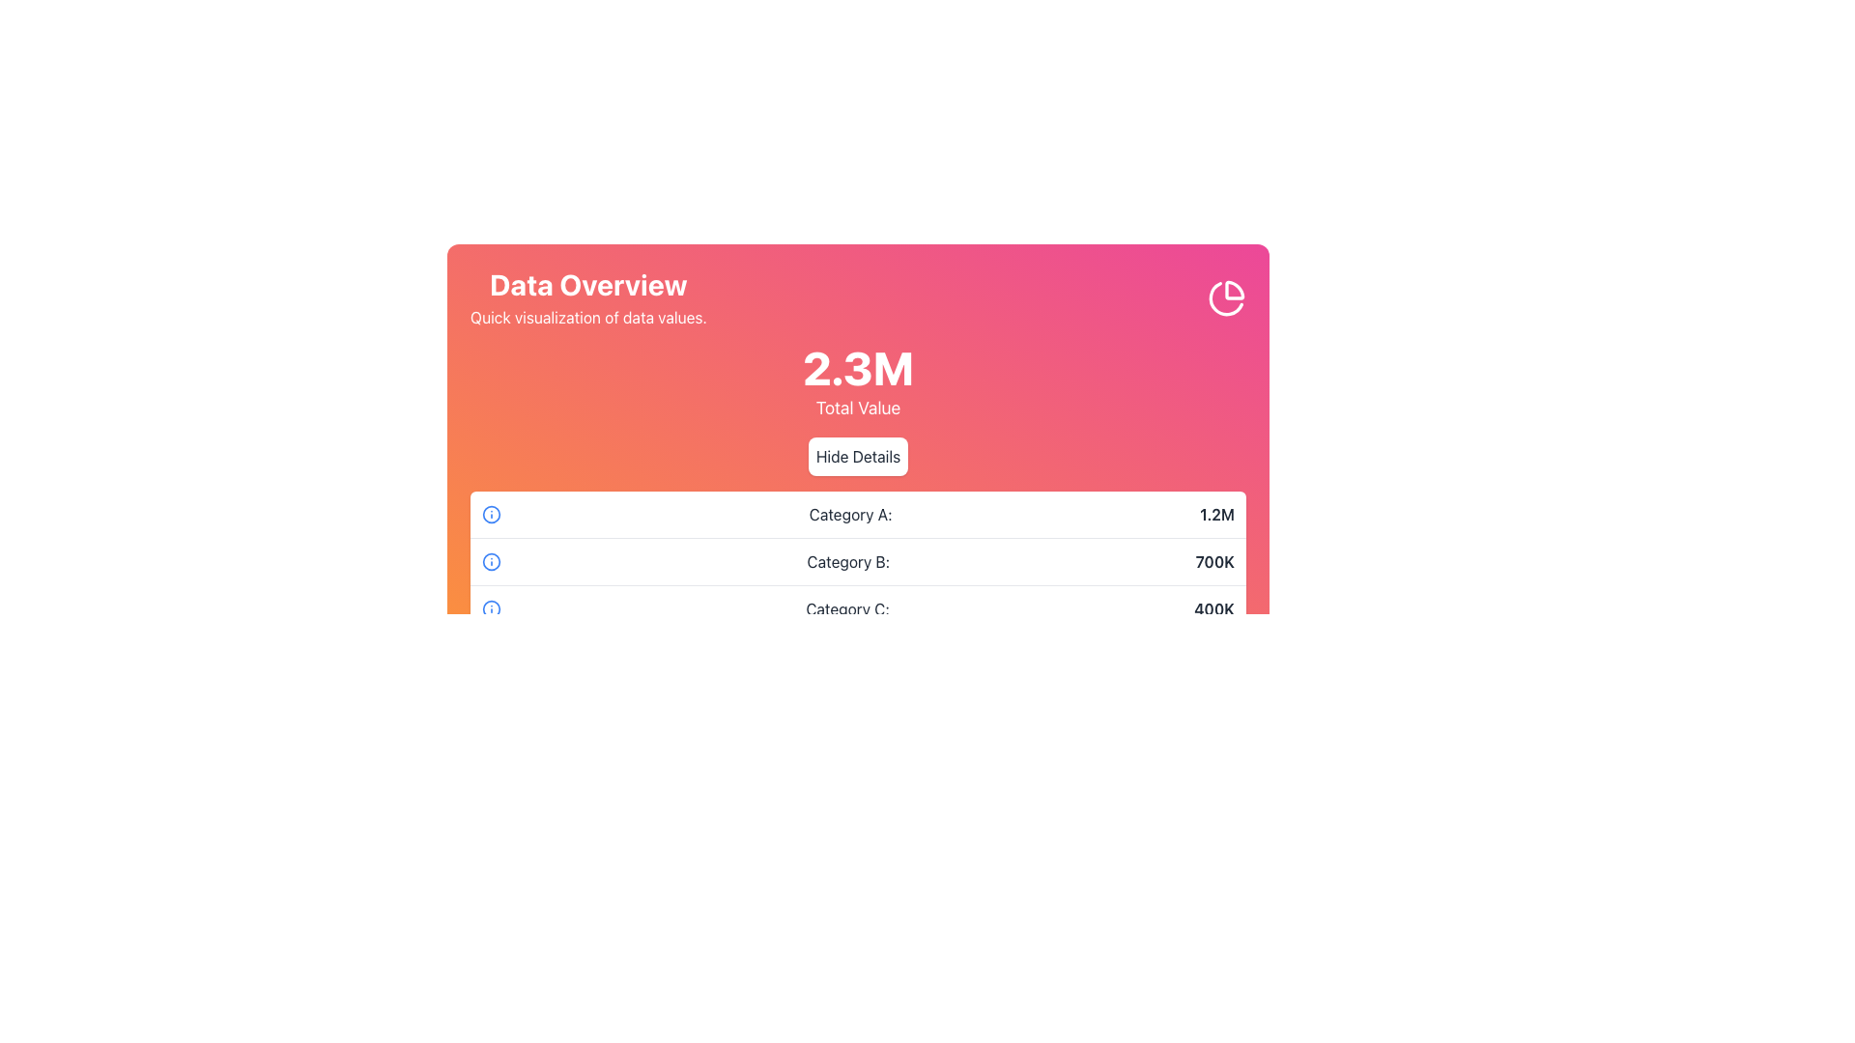 The image size is (1855, 1043). What do you see at coordinates (857, 513) in the screenshot?
I see `the first list item representing 'Category A' with value '1.2M' to possibly reveal tooltips` at bounding box center [857, 513].